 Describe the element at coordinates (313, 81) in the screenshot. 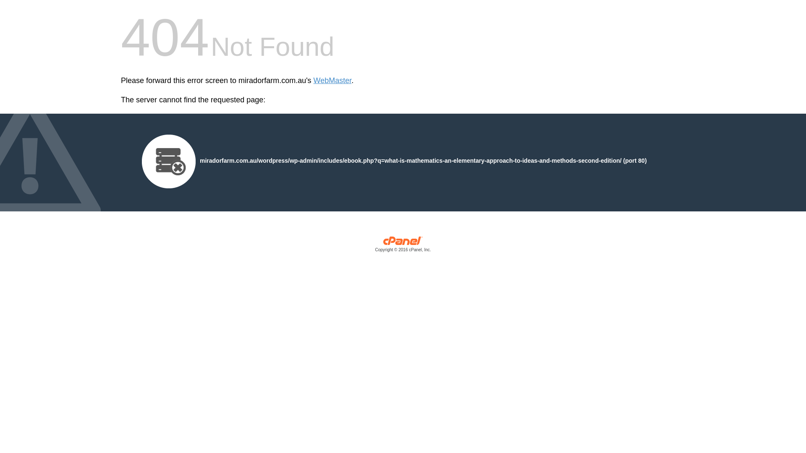

I see `'WebMaster'` at that location.